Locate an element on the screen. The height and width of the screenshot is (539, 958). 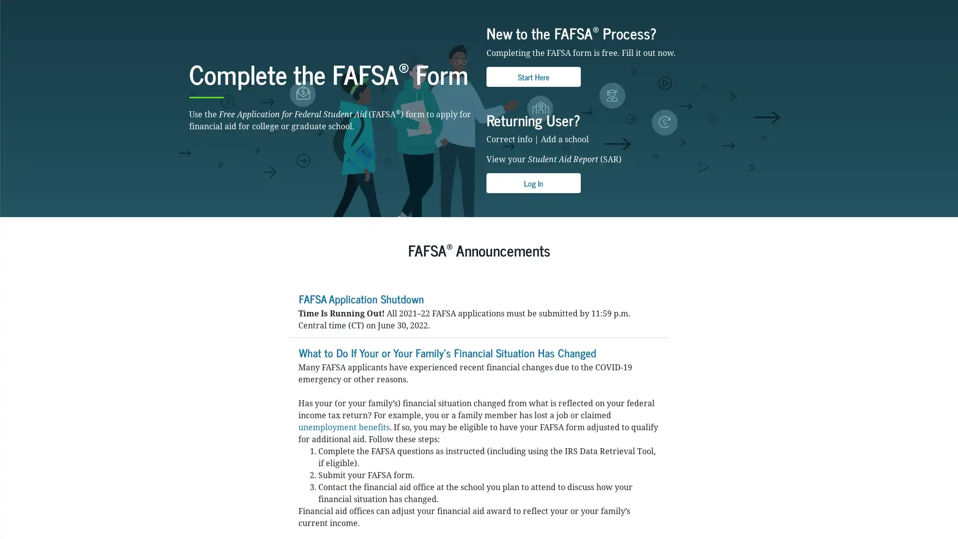
Log In is located at coordinates (533, 248).